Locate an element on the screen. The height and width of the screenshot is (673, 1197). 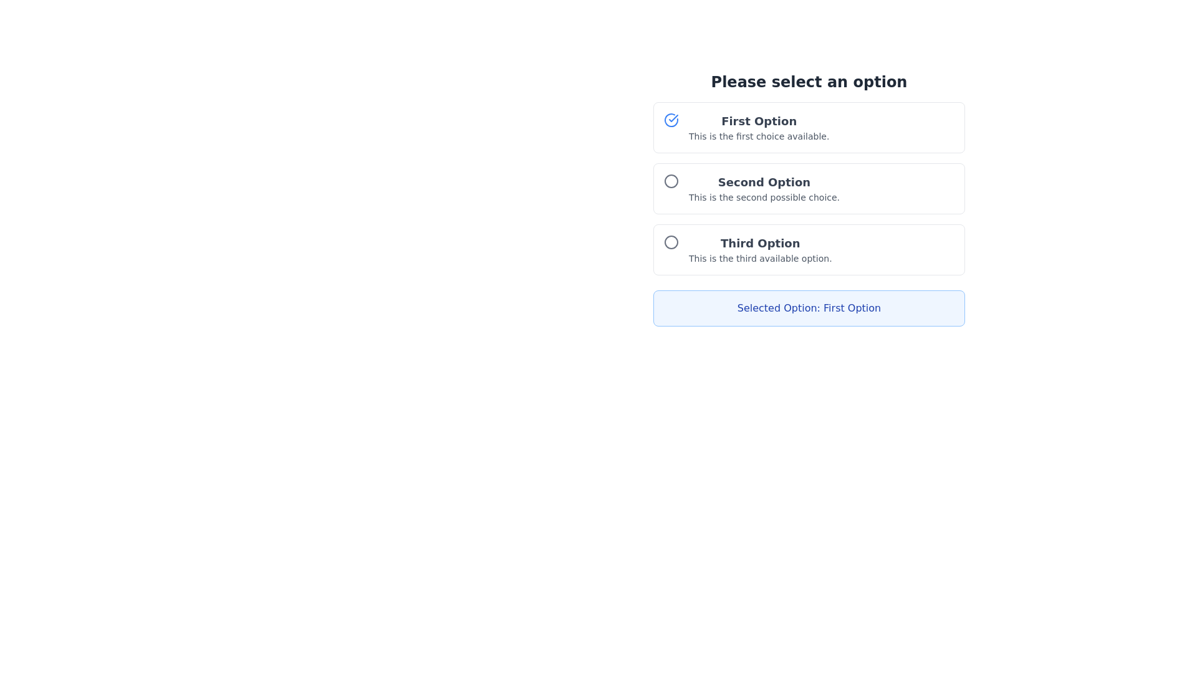
the unselected radio button located to the left of the text 'Second Option' is located at coordinates (670, 181).